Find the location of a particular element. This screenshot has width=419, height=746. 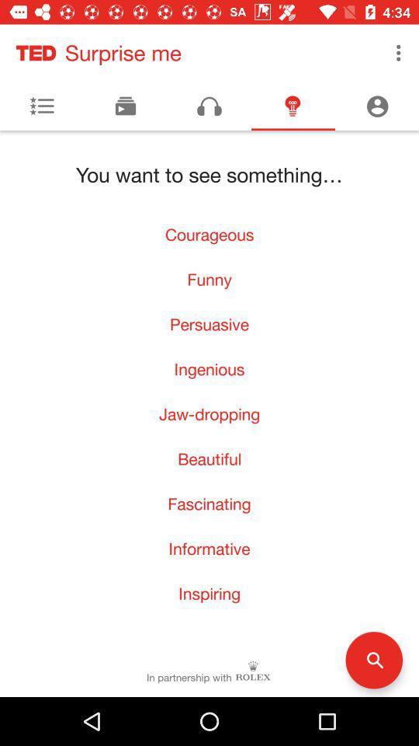

the item below ingenious icon is located at coordinates (209, 413).